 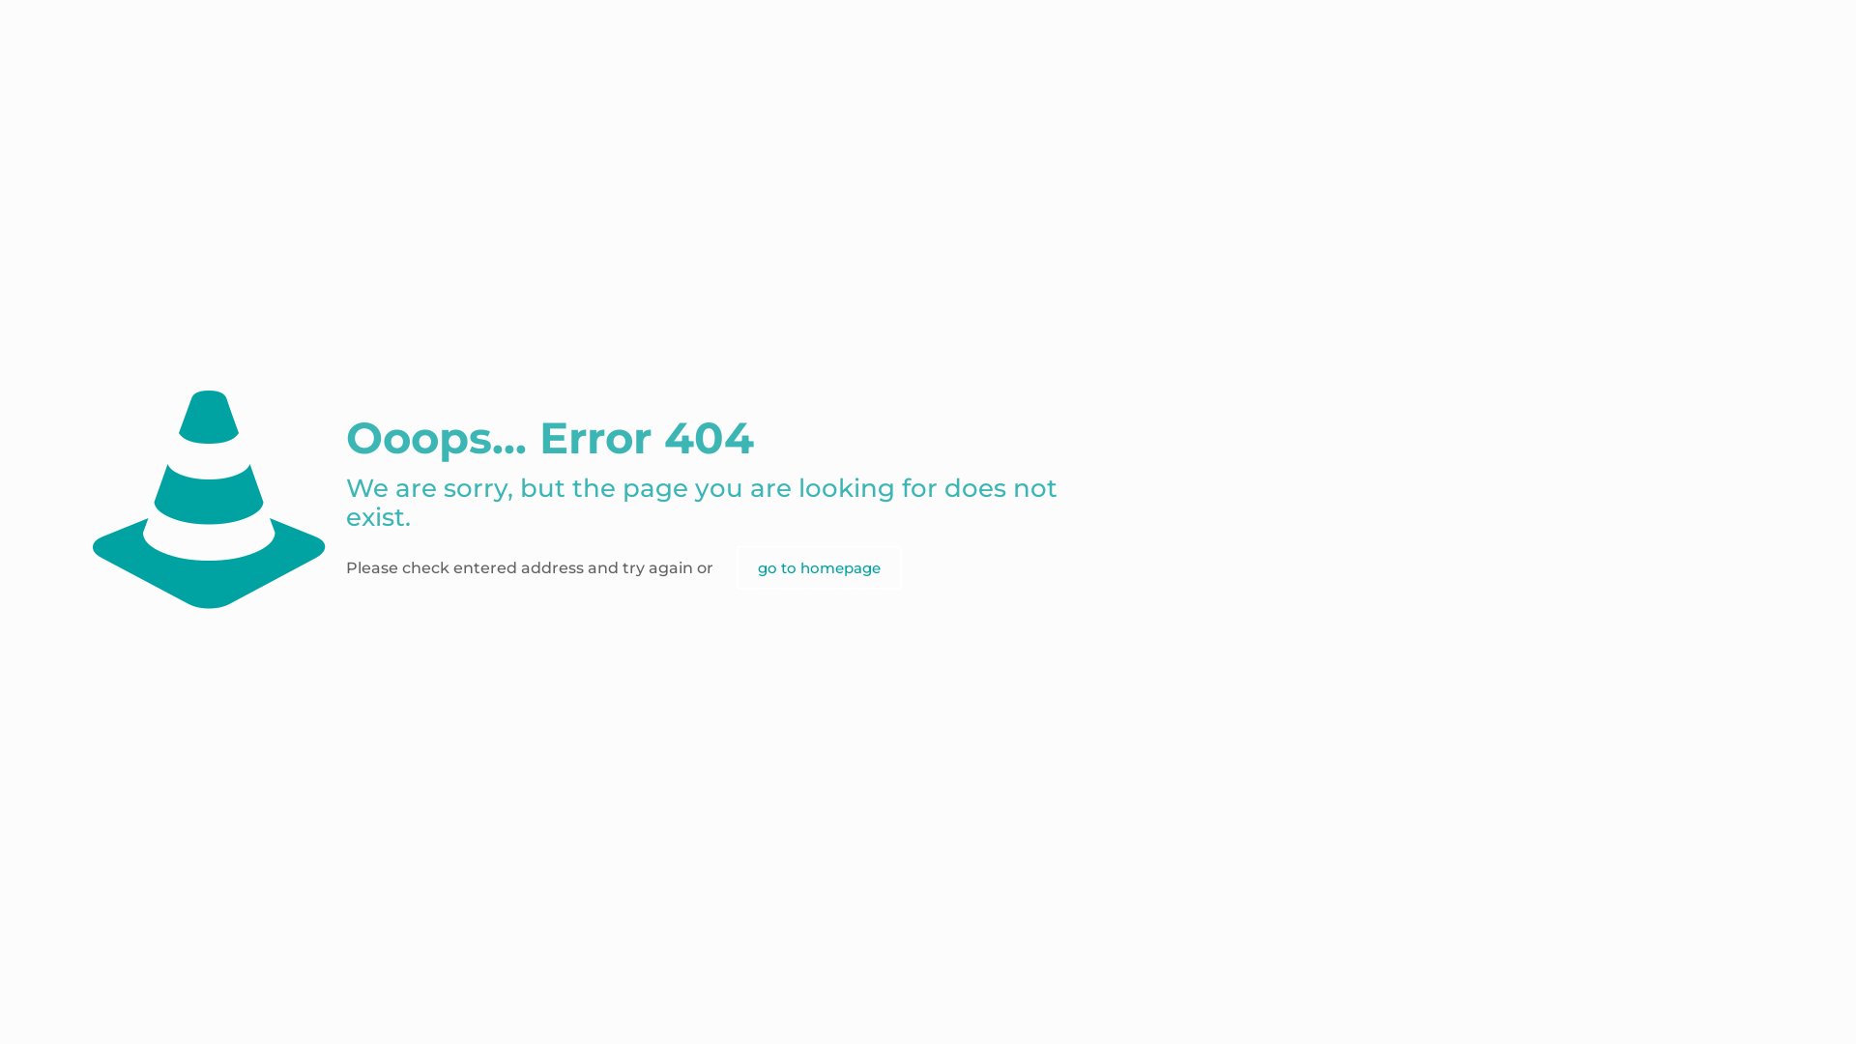 I want to click on 'go to homepage', so click(x=819, y=566).